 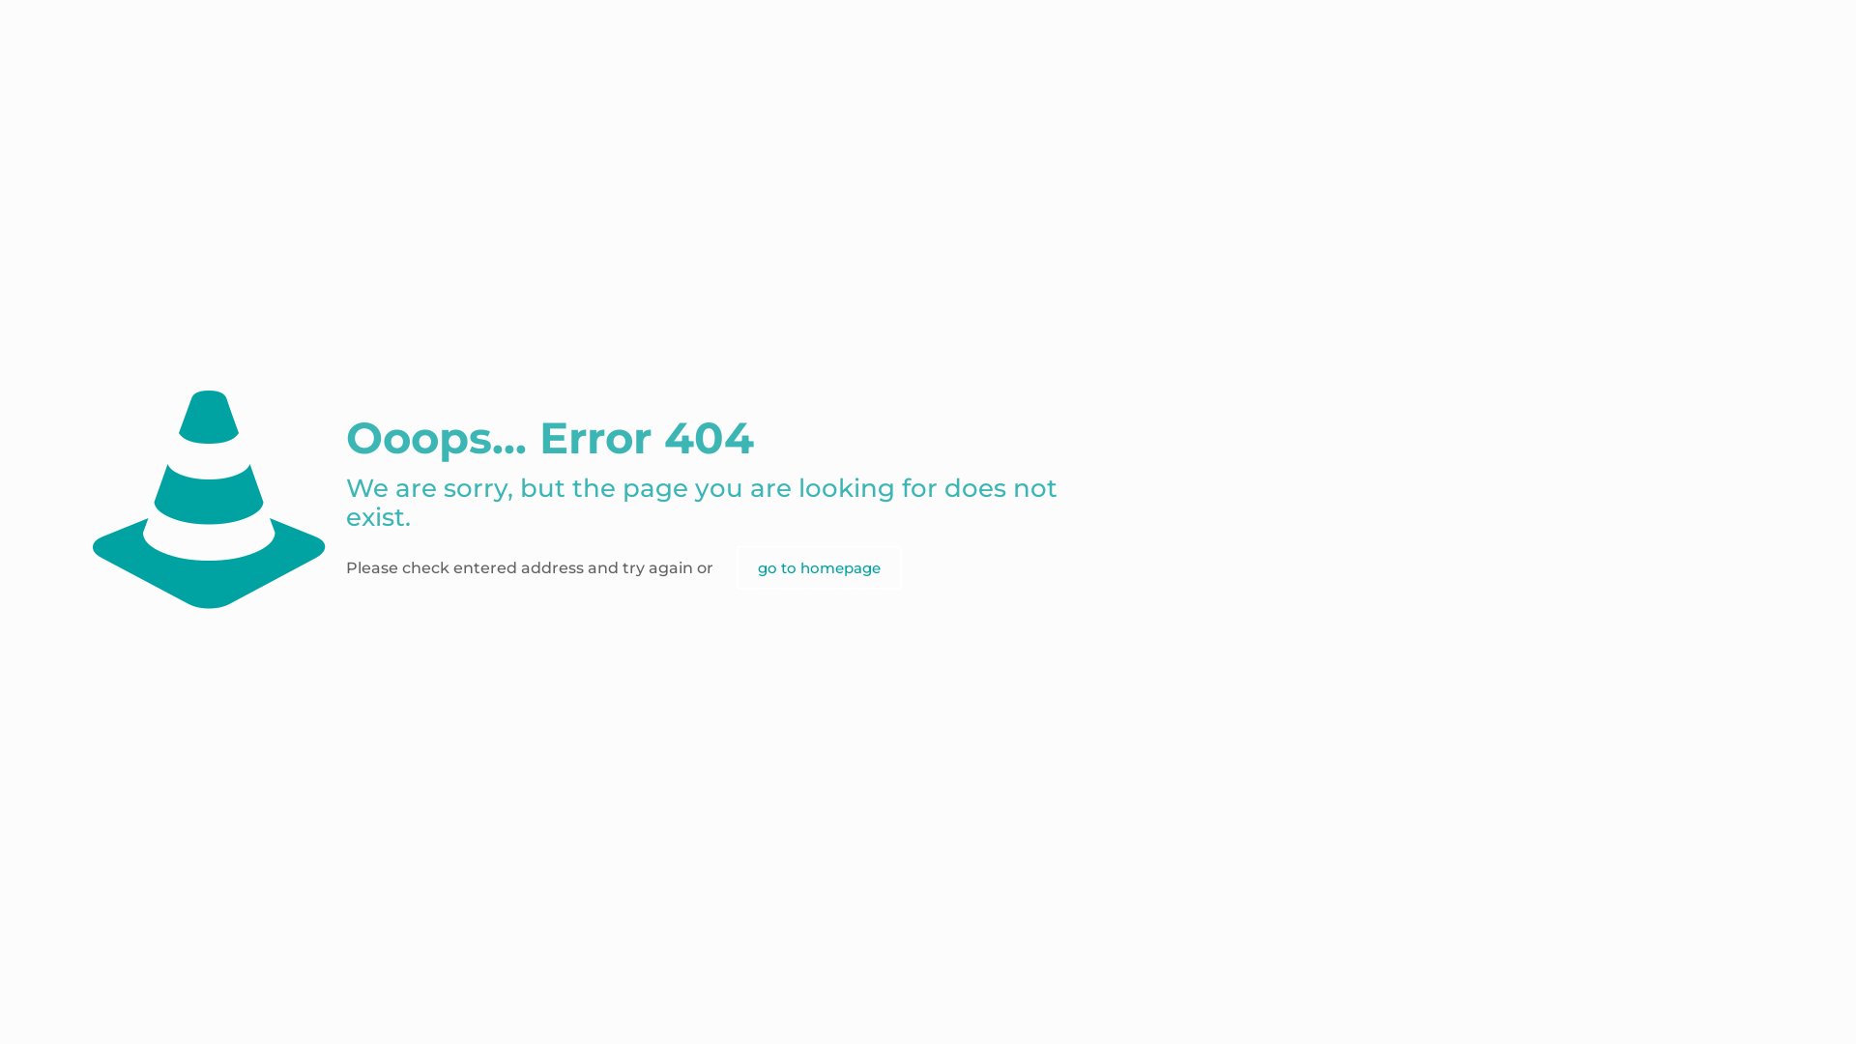 I want to click on 'go to homepage', so click(x=819, y=566).